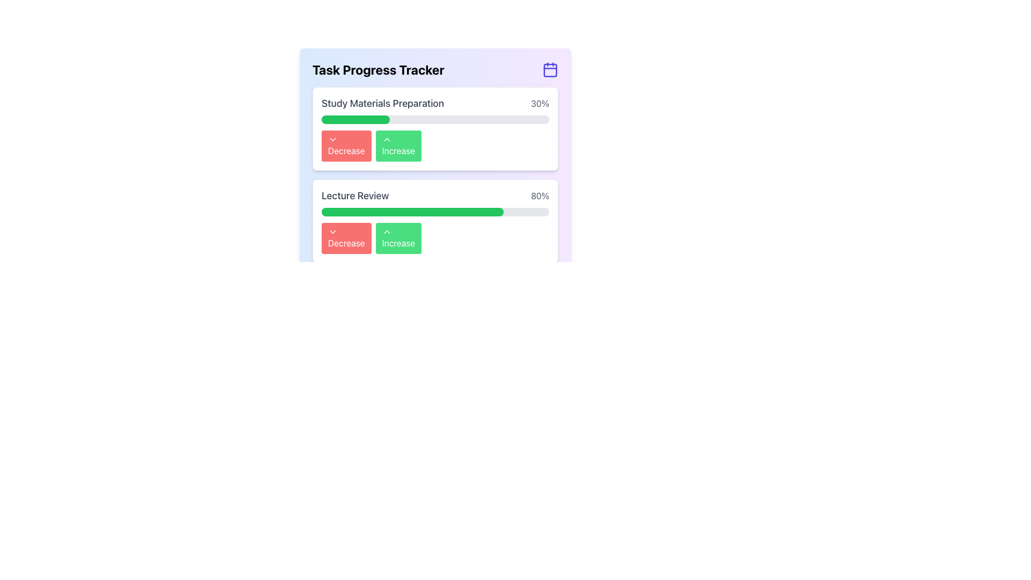 The height and width of the screenshot is (580, 1031). I want to click on the decrement button for the 'Study Materials Preparation' task to observe its hover effects, so click(346, 146).